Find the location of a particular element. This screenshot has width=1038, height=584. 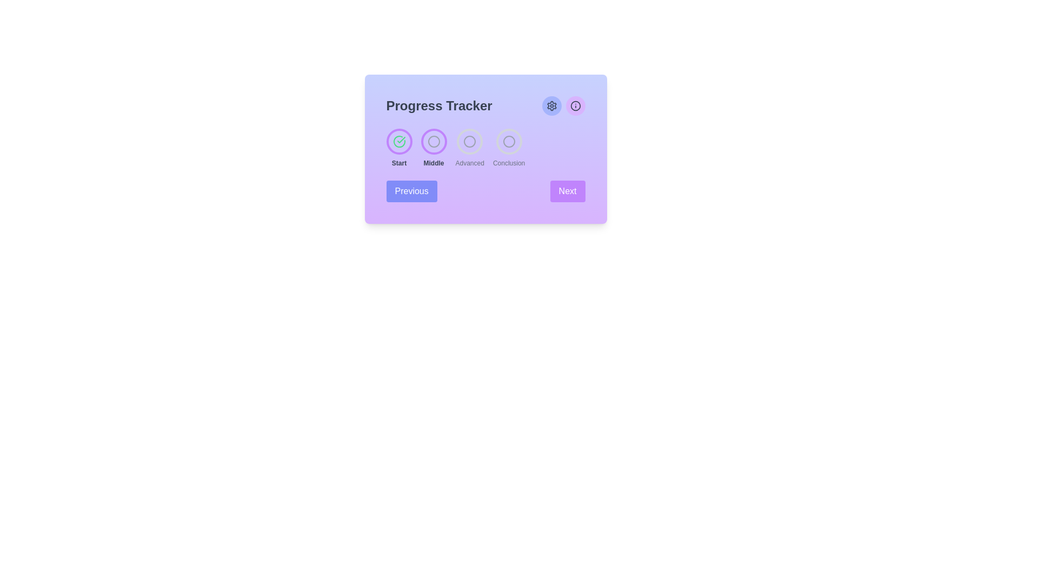

the settings icon located near the top right of the 'Progress Tracker' panel, which is the second icon from the right edge and positioned directly to the left of a circular icon is located at coordinates (551, 106).